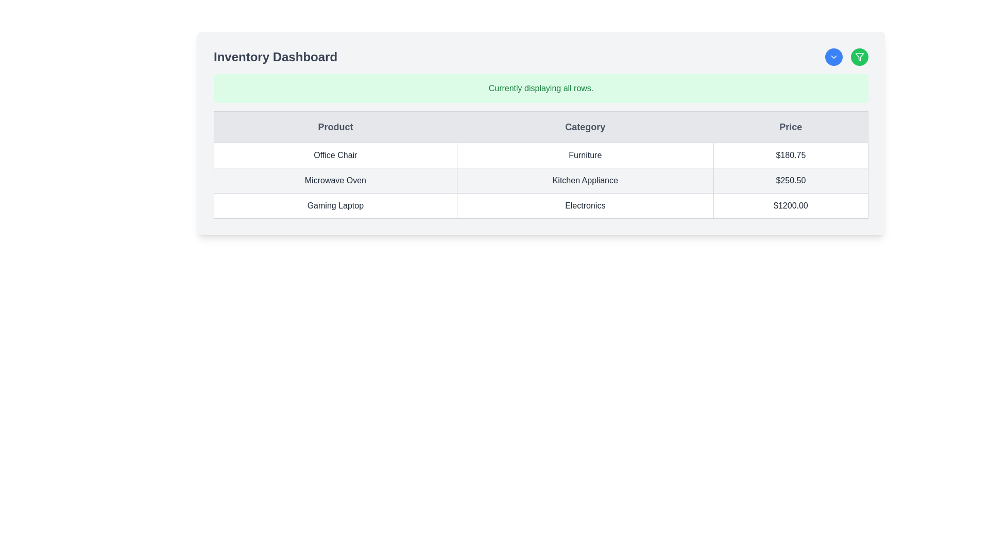 The width and height of the screenshot is (989, 556). I want to click on the Table Row element that serves as a header for the table, which includes column headers 'Product', 'Category', so click(540, 126).